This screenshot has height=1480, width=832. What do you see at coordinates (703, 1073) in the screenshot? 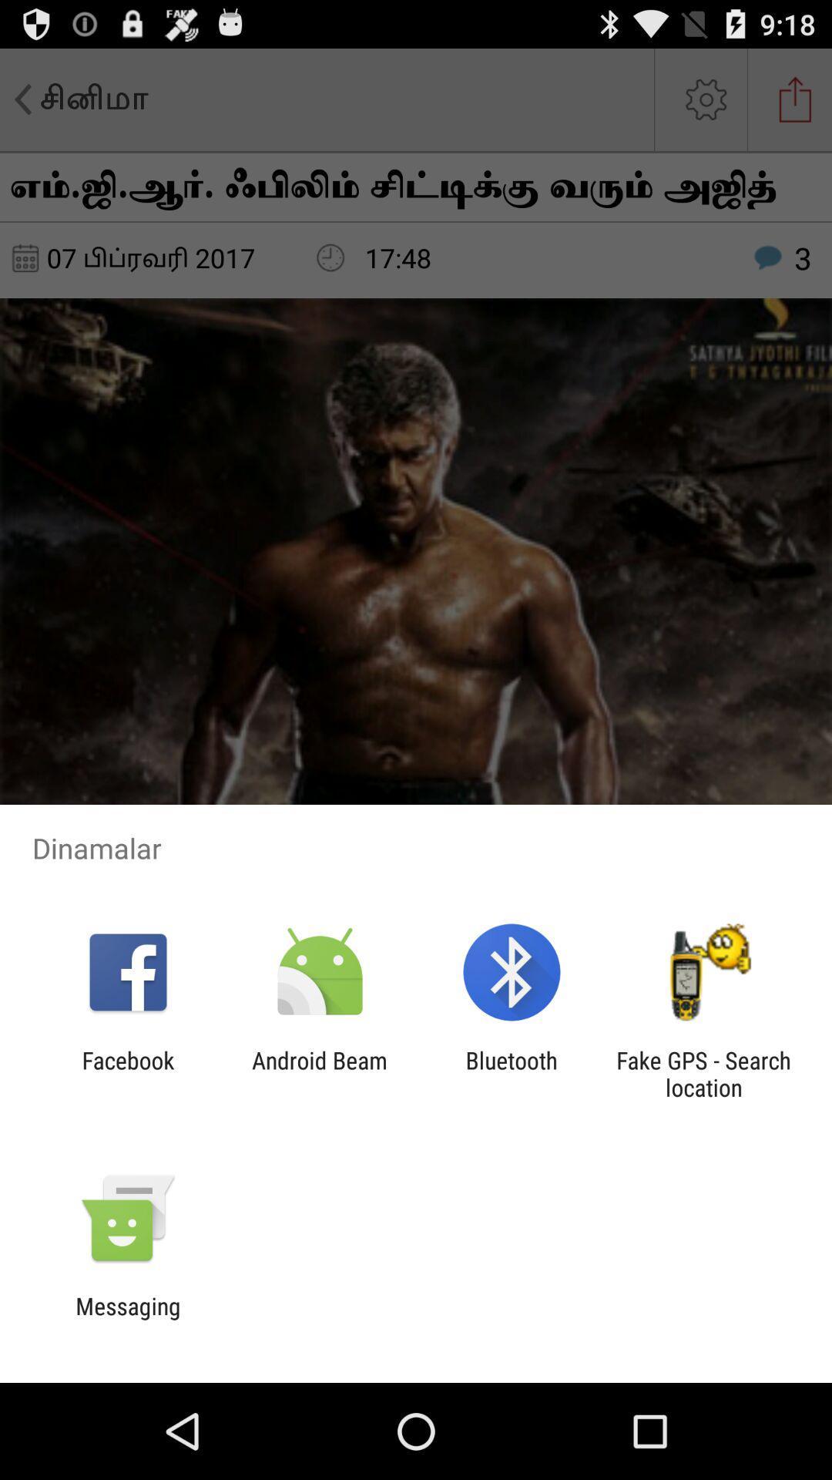
I see `the app to the right of bluetooth item` at bounding box center [703, 1073].